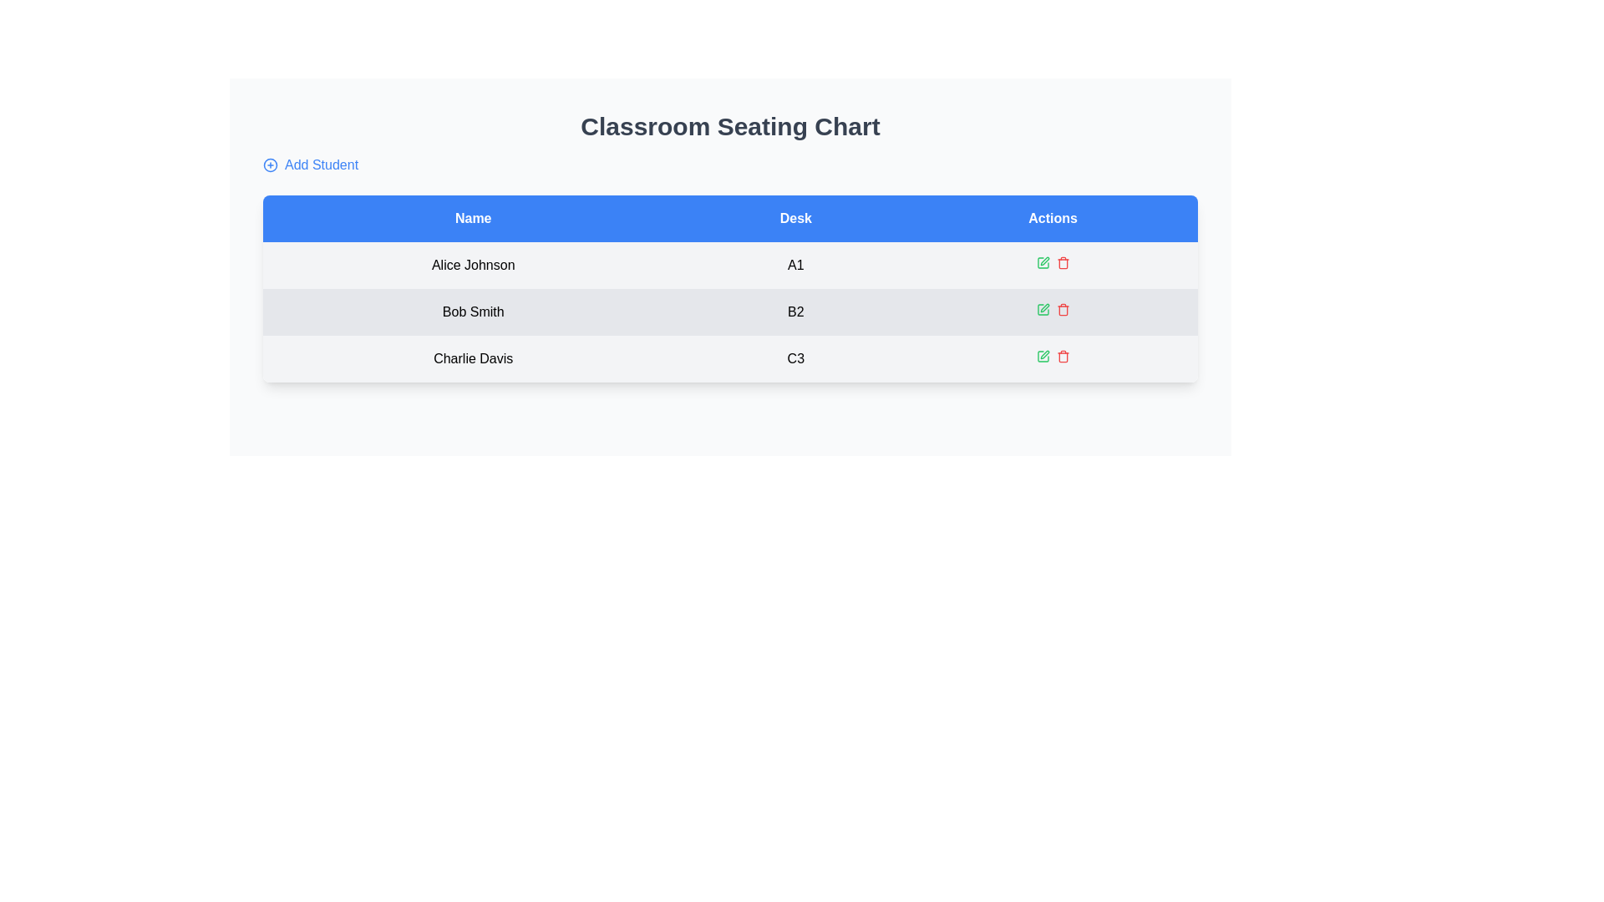 This screenshot has width=1604, height=902. Describe the element at coordinates (1062, 309) in the screenshot. I see `the red trash can icon button in the 'Actions' column of the second row` at that location.